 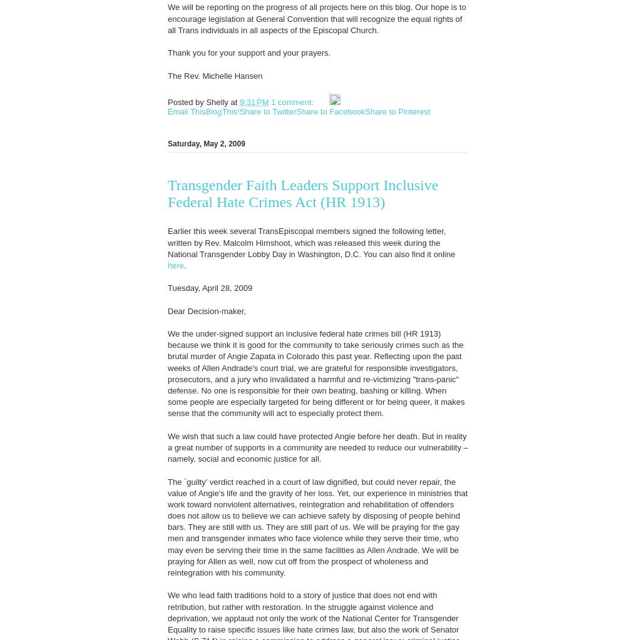 I want to click on 'at', so click(x=234, y=102).